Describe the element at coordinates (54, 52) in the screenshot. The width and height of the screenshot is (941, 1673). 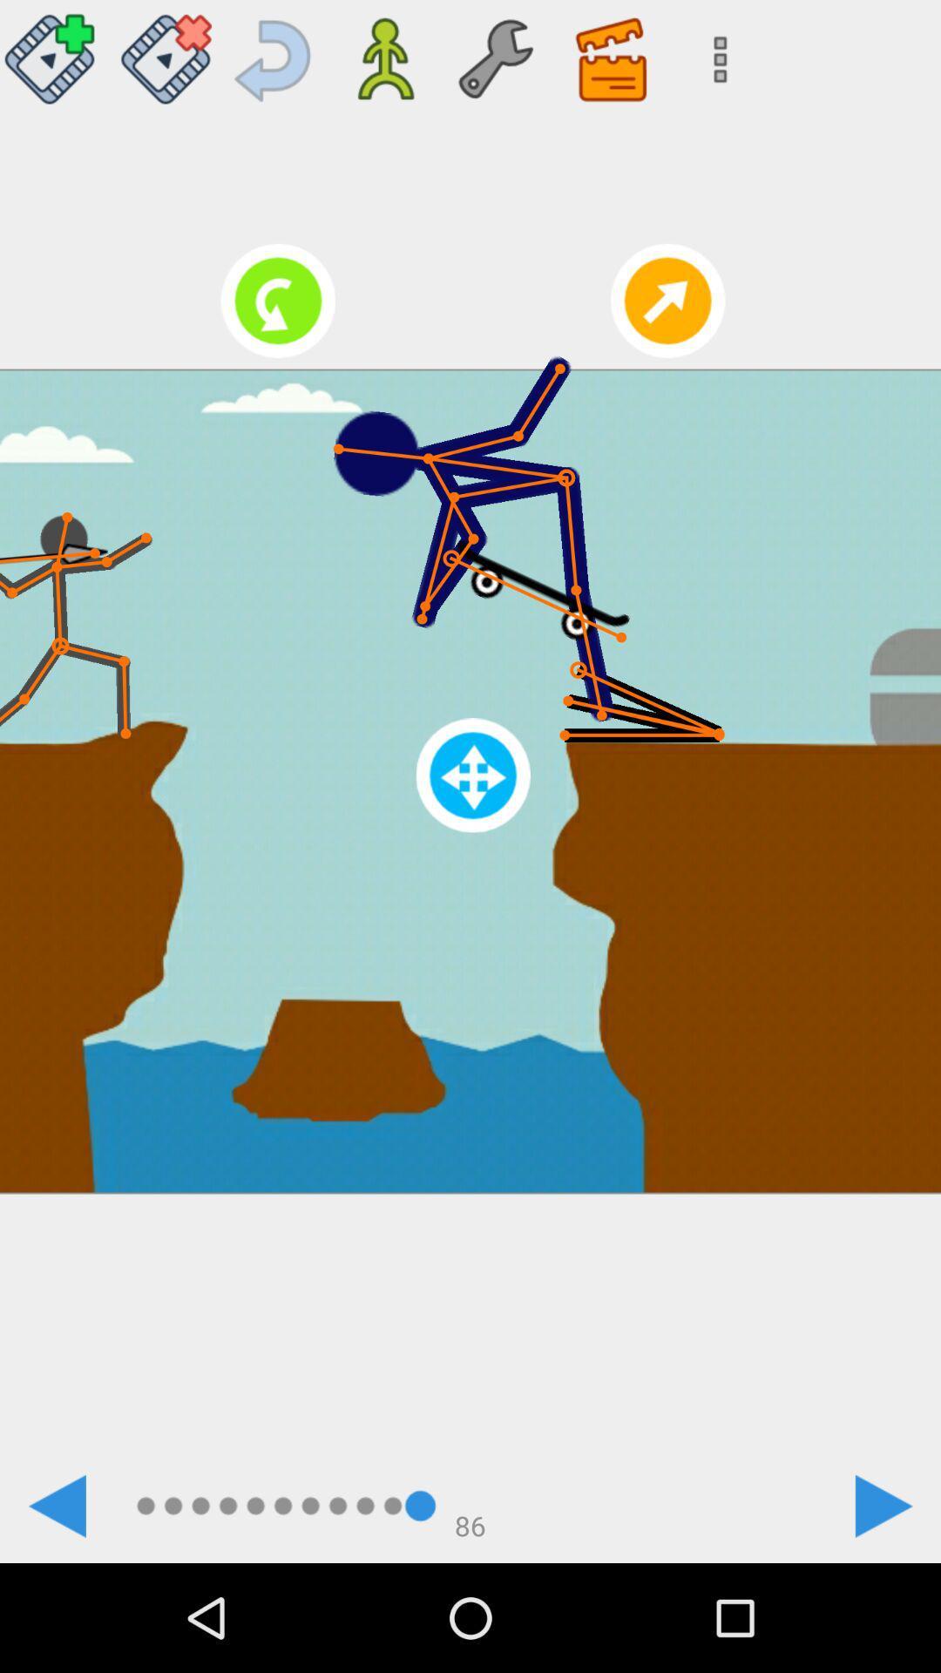
I see `any one` at that location.